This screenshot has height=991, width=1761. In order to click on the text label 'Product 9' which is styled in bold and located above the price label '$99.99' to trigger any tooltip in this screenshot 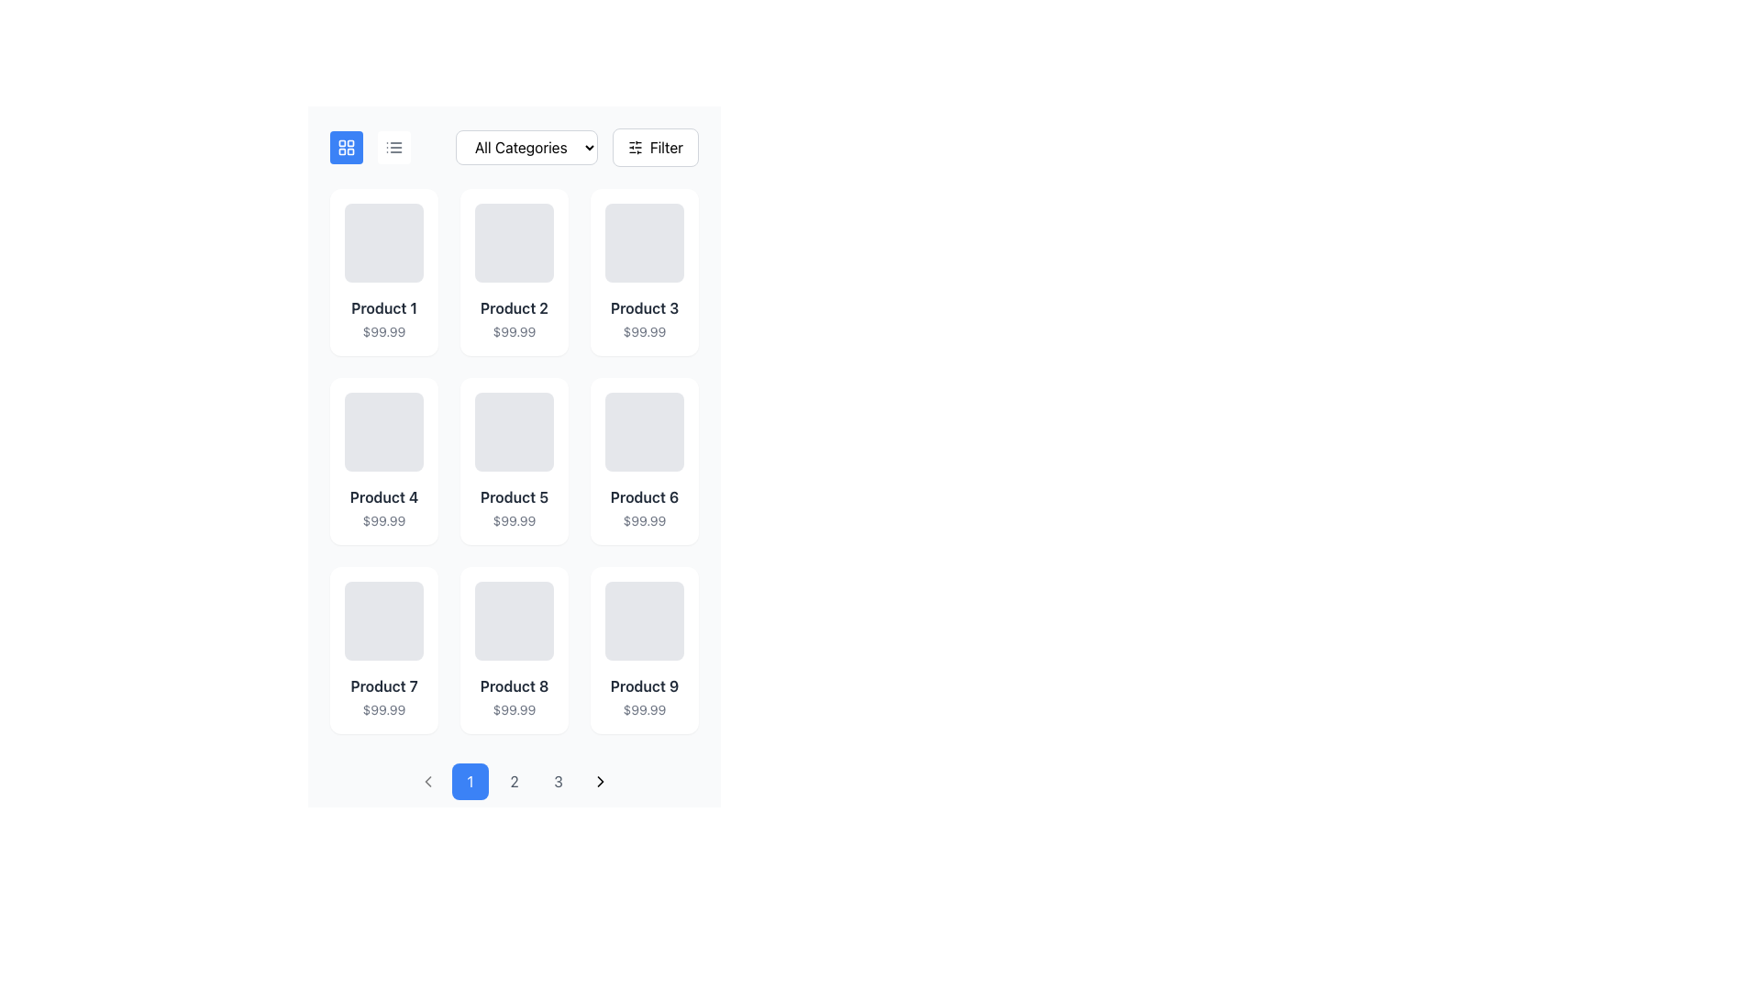, I will do `click(644, 686)`.